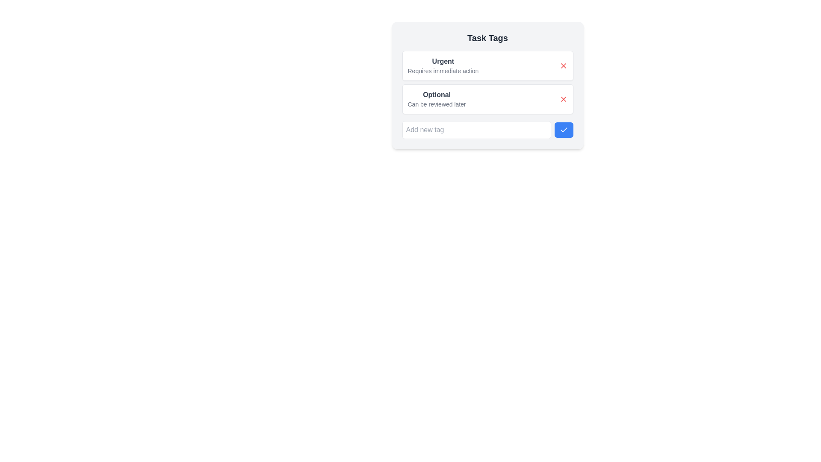 The image size is (821, 462). I want to click on the first task tag in the vertically stacked list, which is a text block containing a title and description indicating urgency, so click(443, 65).